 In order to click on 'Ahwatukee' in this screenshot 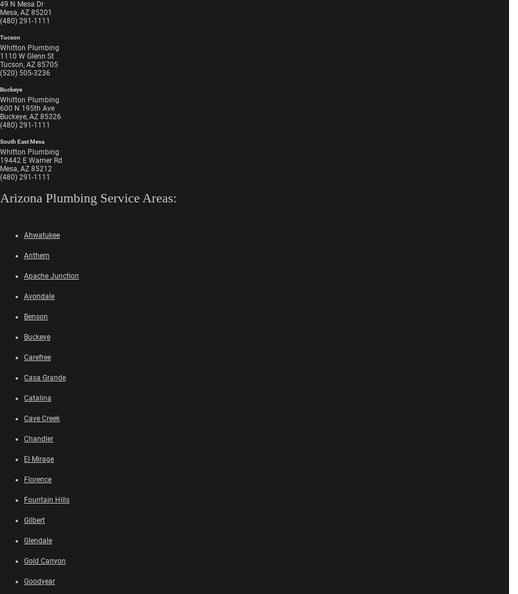, I will do `click(41, 235)`.